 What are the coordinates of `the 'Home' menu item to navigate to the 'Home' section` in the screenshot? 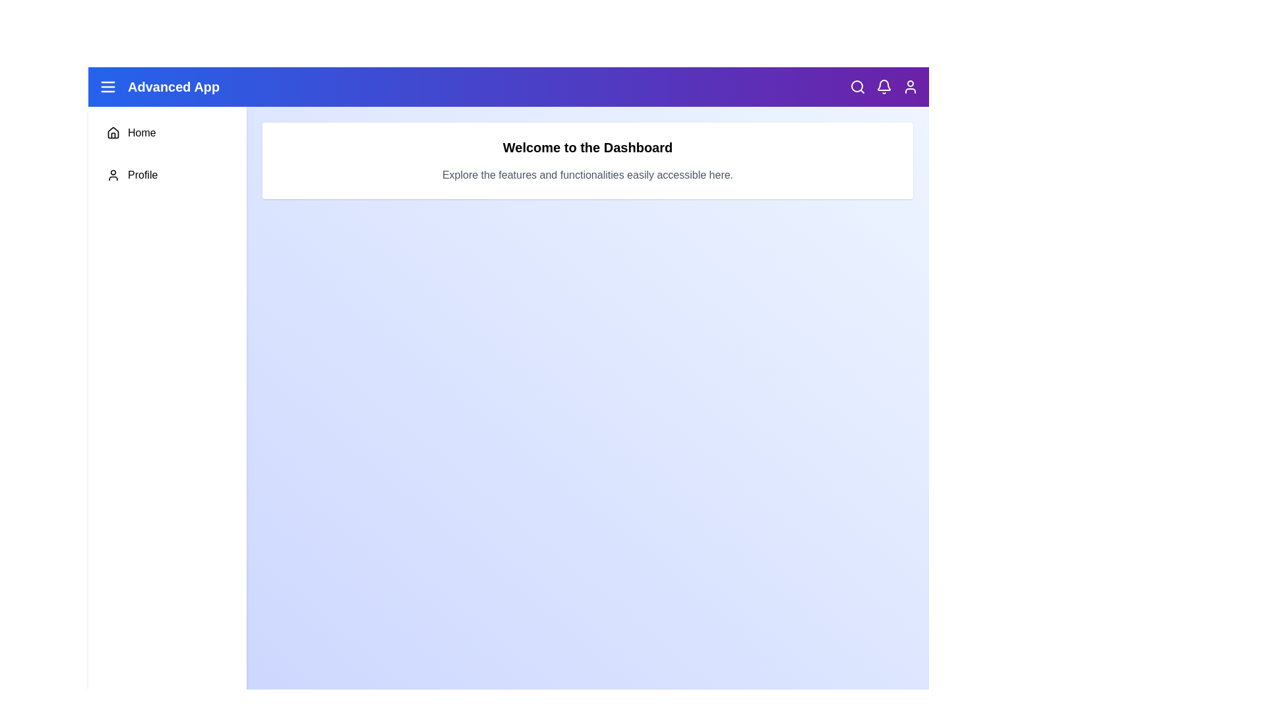 It's located at (167, 133).